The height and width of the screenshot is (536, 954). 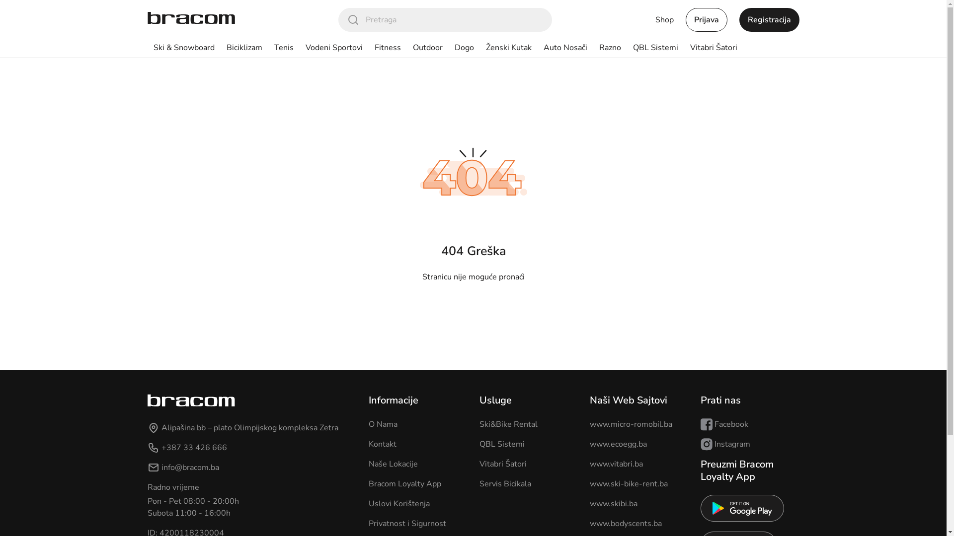 I want to click on 'www.bodyscents.ba', so click(x=625, y=523).